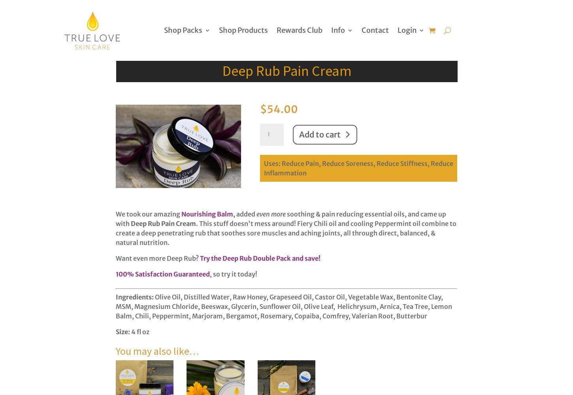 Image resolution: width=573 pixels, height=395 pixels. What do you see at coordinates (276, 30) in the screenshot?
I see `'Rewards Club'` at bounding box center [276, 30].